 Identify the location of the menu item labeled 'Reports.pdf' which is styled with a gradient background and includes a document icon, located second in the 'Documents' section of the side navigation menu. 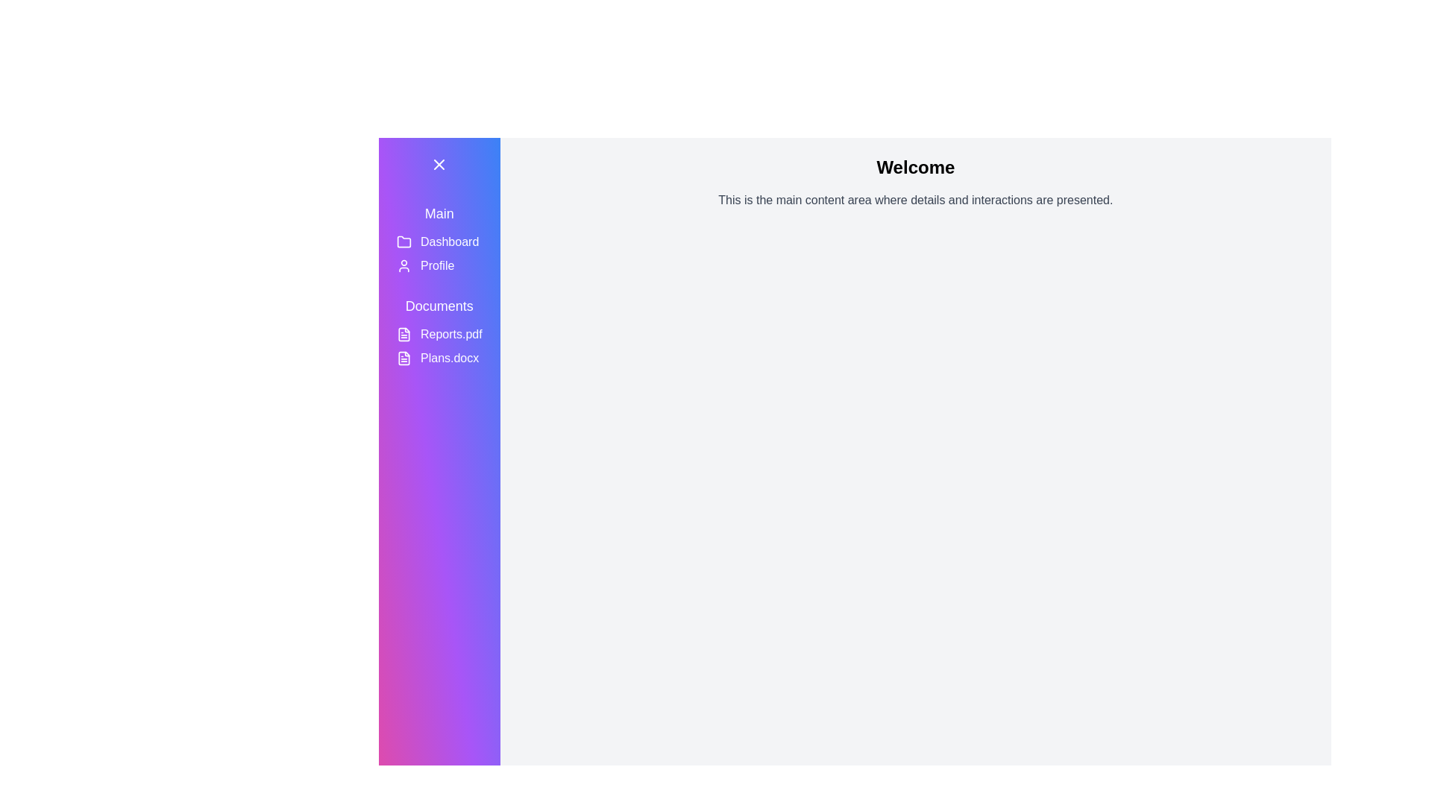
(439, 333).